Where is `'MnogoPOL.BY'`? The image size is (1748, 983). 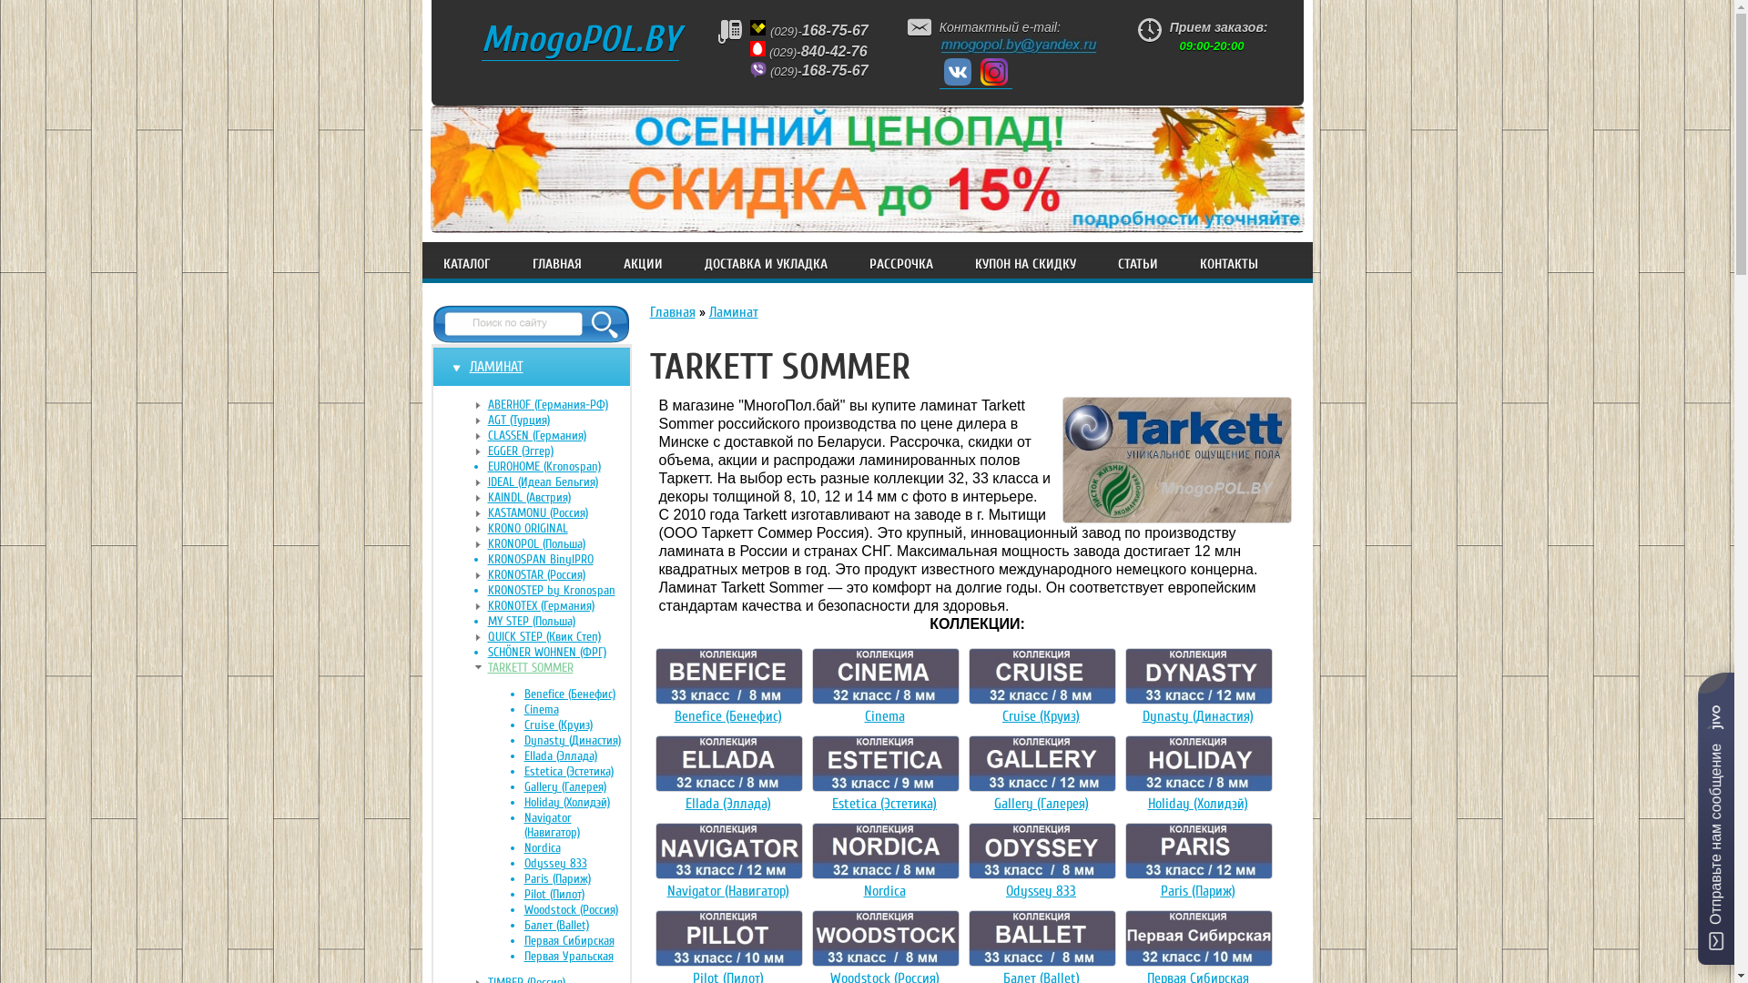
'MnogoPOL.BY' is located at coordinates (578, 39).